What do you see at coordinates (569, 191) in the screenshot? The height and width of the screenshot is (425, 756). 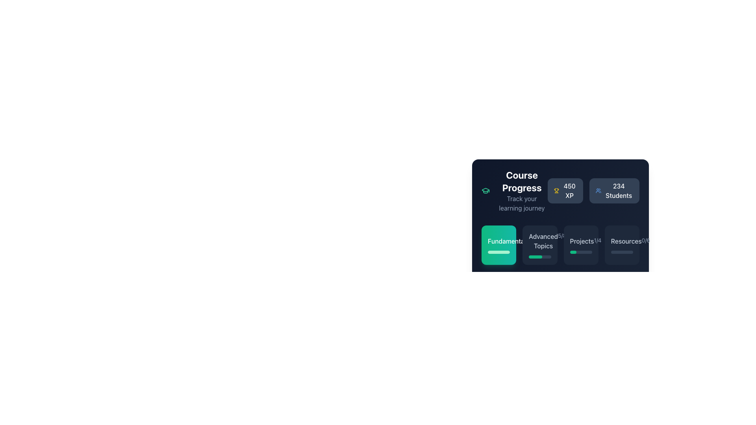 I see `the text label displaying '450 XP', which is styled in white font and indicates progress in the user interface module` at bounding box center [569, 191].